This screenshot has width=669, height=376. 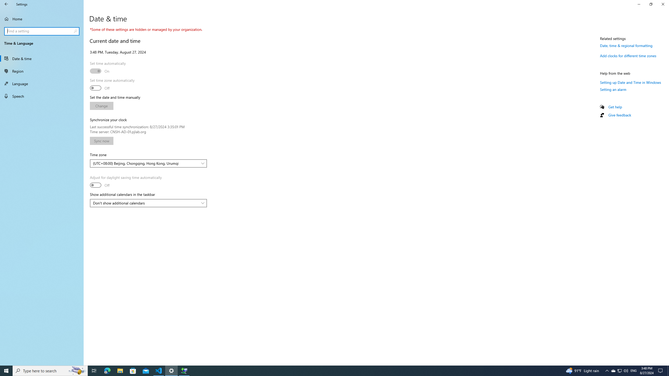 I want to click on 'Extensible Wizards Host Process - 1 running window', so click(x=184, y=370).